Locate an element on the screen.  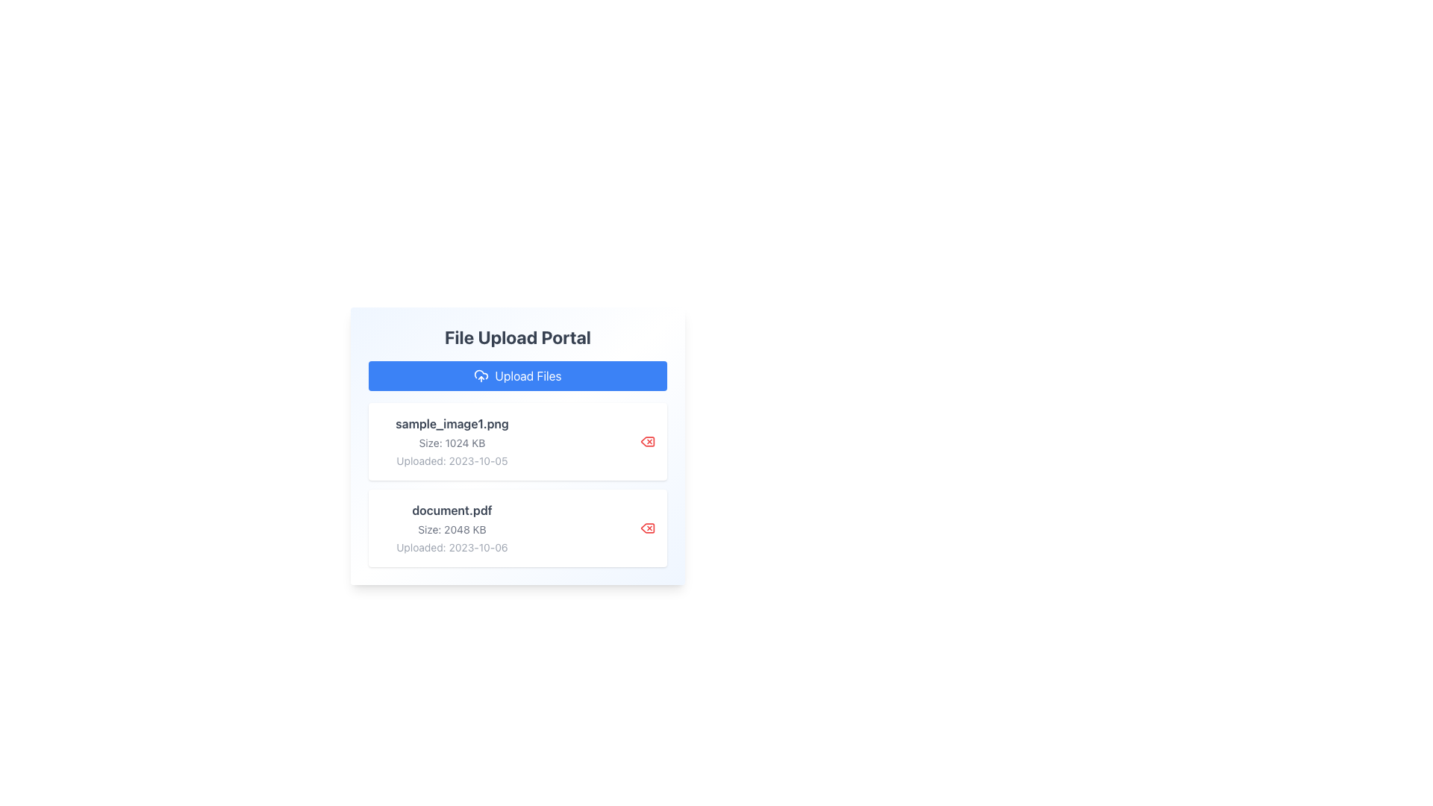
static text inside the file upload button located centrally at the top of the interface, which indicates that clicking this button will initiate a file upload process is located at coordinates (528, 375).